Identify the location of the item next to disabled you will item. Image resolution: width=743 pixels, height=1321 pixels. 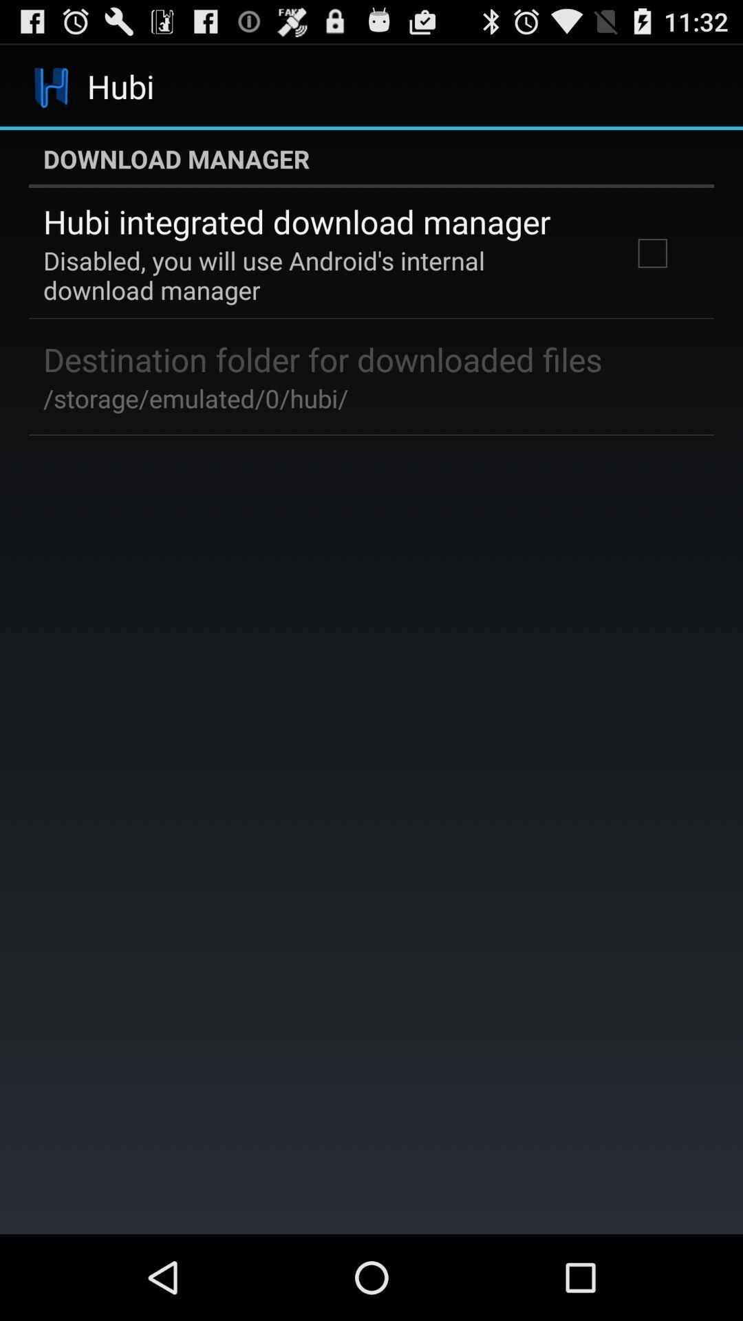
(652, 253).